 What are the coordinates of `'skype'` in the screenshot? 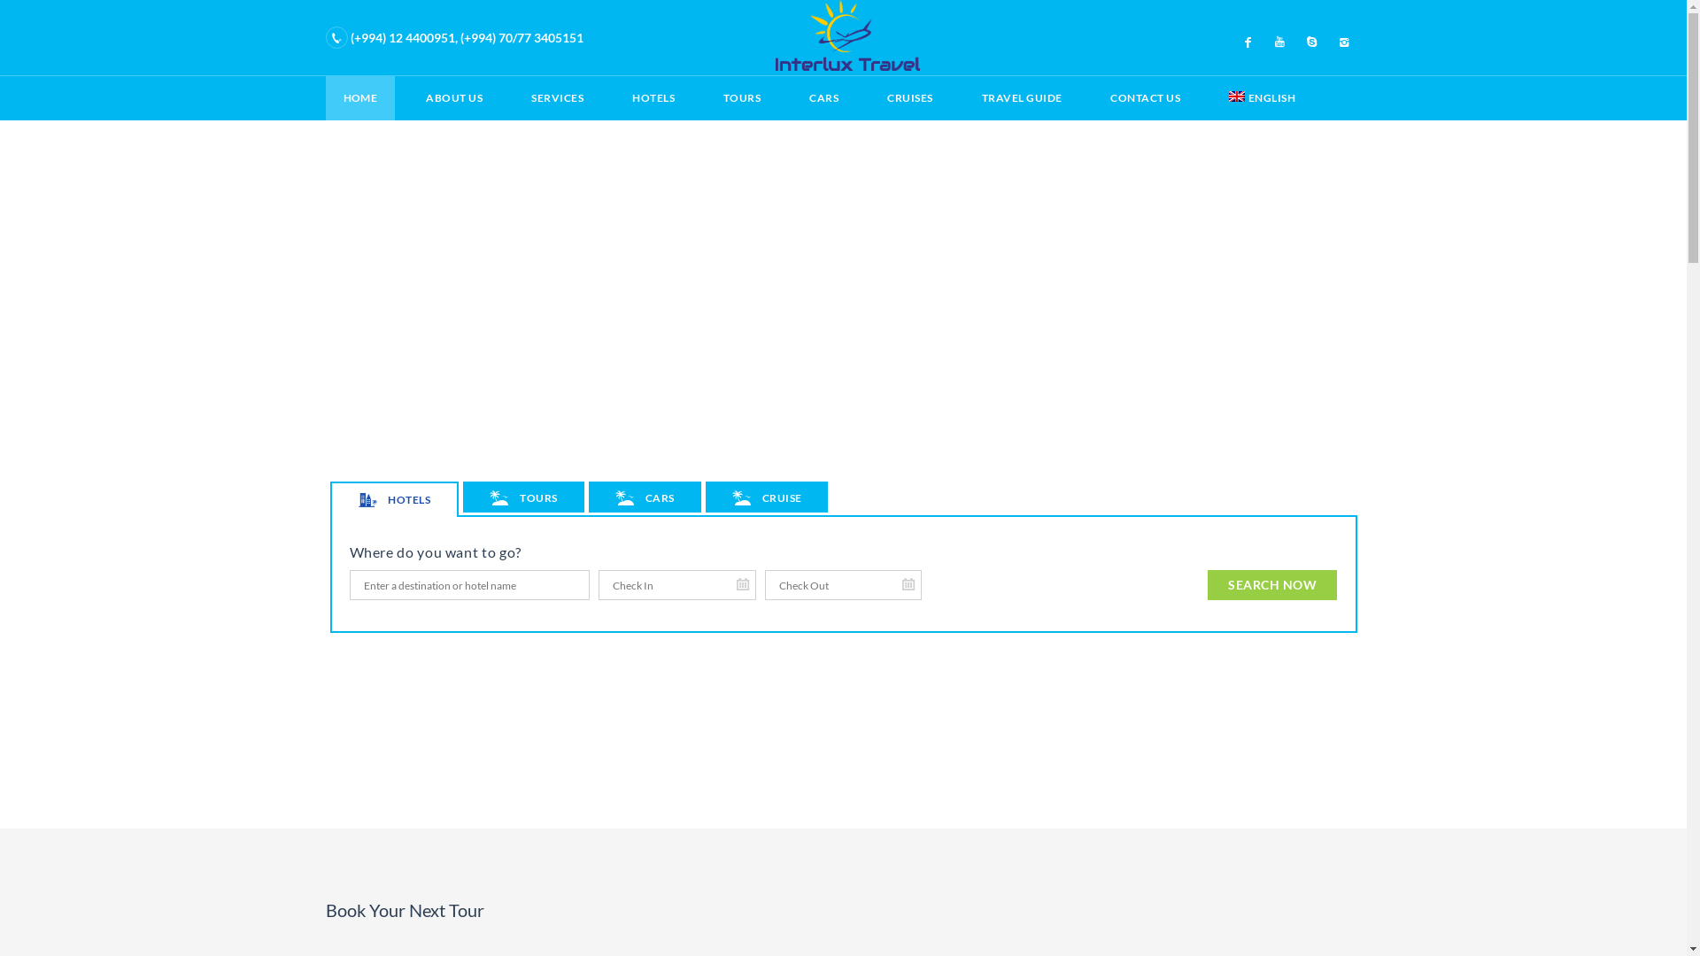 It's located at (1312, 40).